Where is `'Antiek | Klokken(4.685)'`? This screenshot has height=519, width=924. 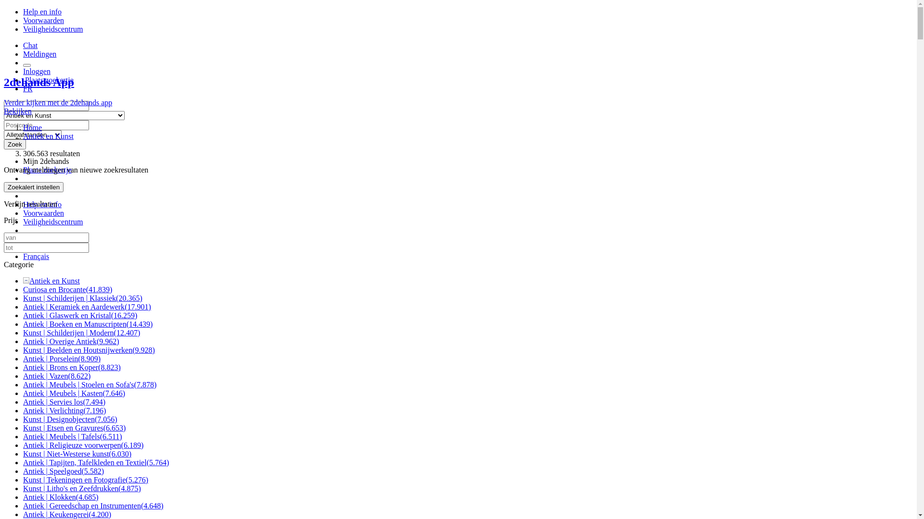 'Antiek | Klokken(4.685)' is located at coordinates (60, 497).